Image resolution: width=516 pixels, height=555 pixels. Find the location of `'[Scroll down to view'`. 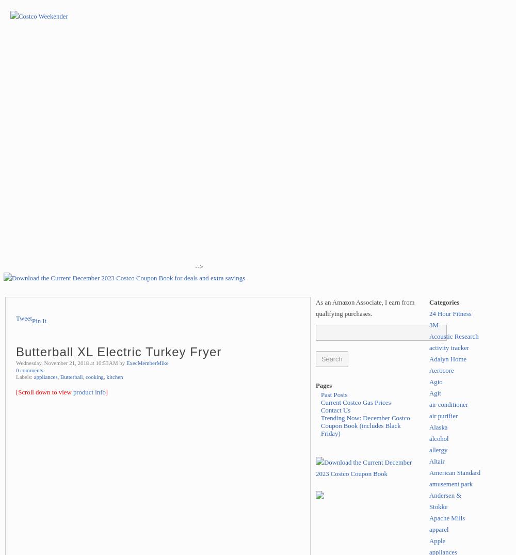

'[Scroll down to view' is located at coordinates (44, 391).